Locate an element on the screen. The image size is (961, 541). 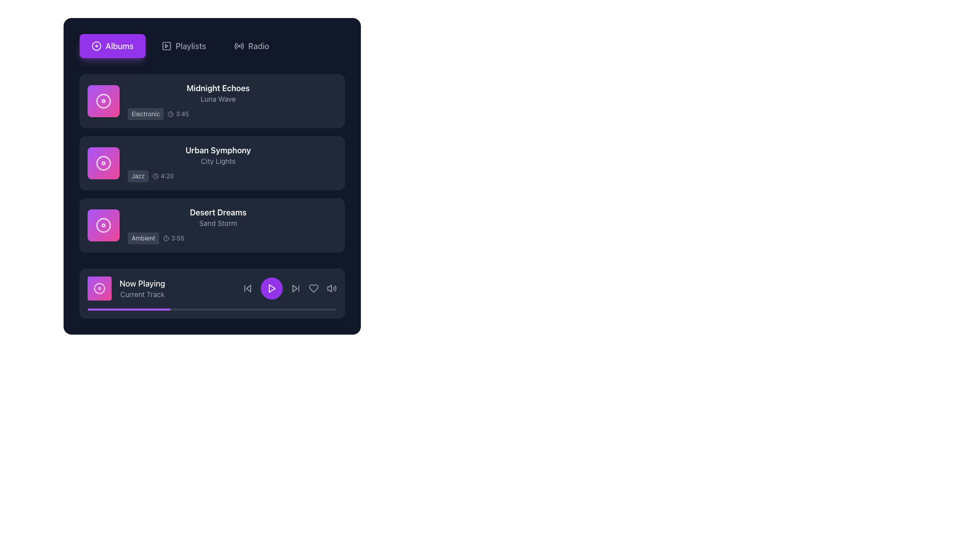
the decorative disc icon representing the 'Desert Dreams' track located centrally within its item card in the music selection interface is located at coordinates (103, 225).